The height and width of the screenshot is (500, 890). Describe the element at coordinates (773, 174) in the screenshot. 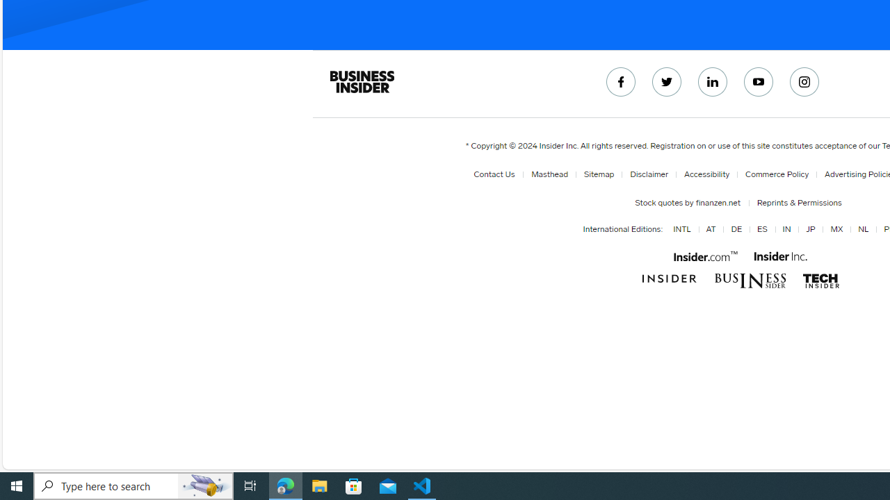

I see `'Commerce Policy'` at that location.